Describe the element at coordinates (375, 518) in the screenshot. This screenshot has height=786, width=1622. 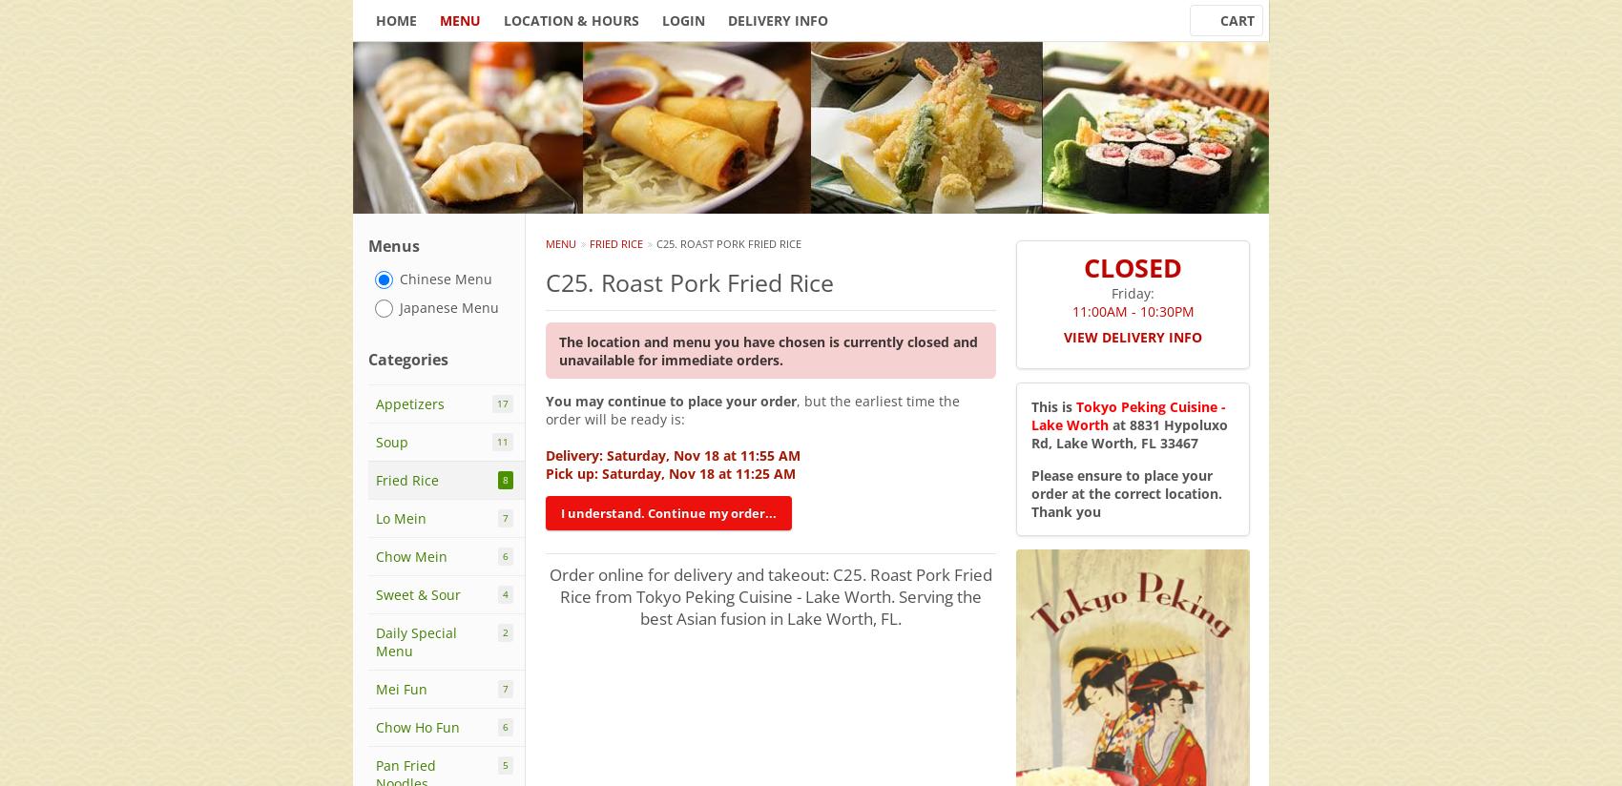
I see `'Lo Mein'` at that location.